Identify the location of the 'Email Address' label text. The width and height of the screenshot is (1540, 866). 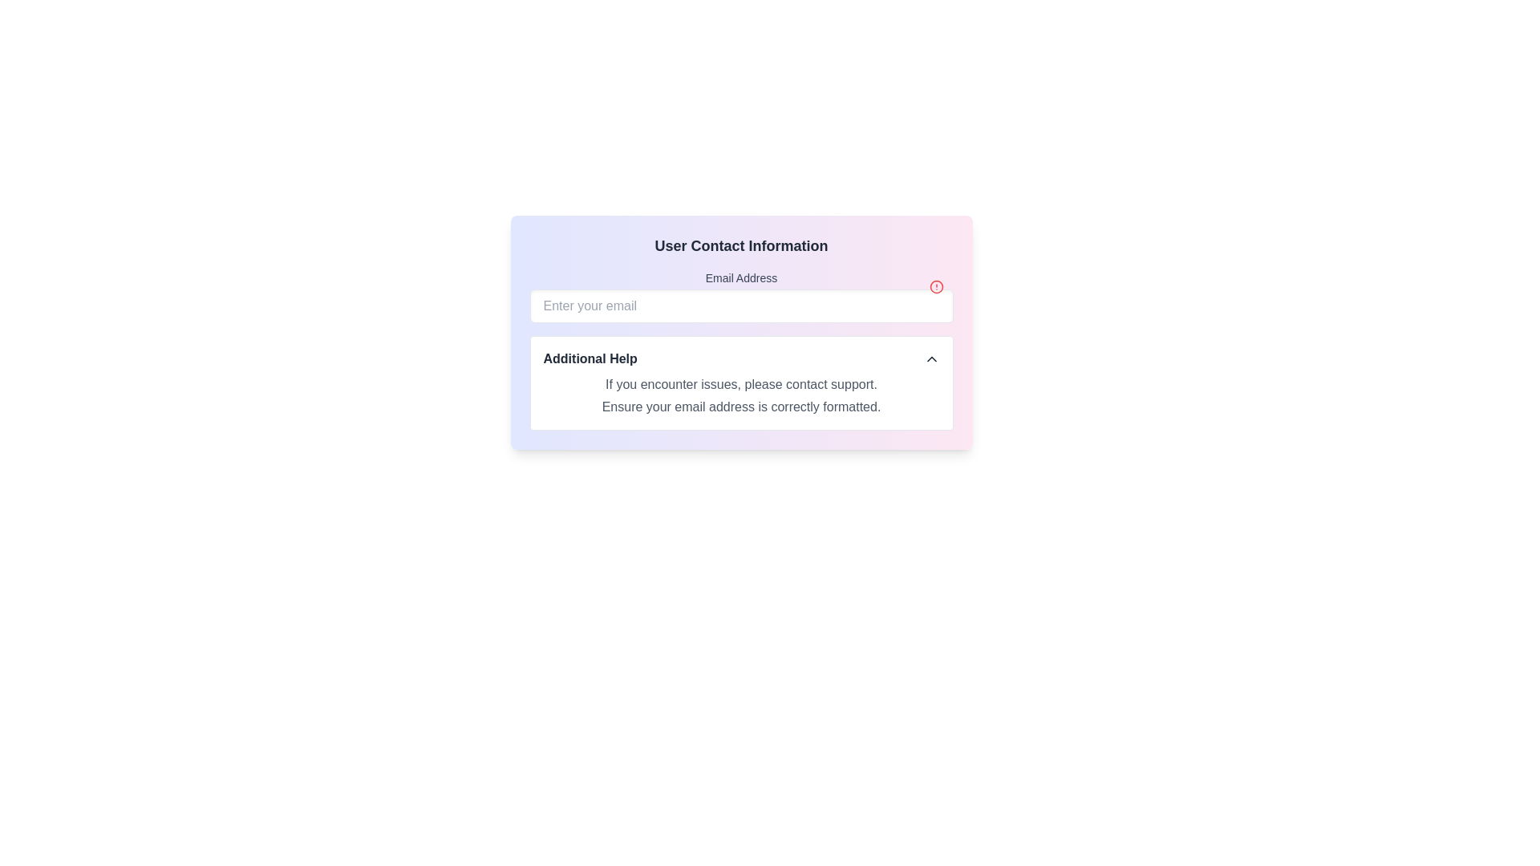
(740, 277).